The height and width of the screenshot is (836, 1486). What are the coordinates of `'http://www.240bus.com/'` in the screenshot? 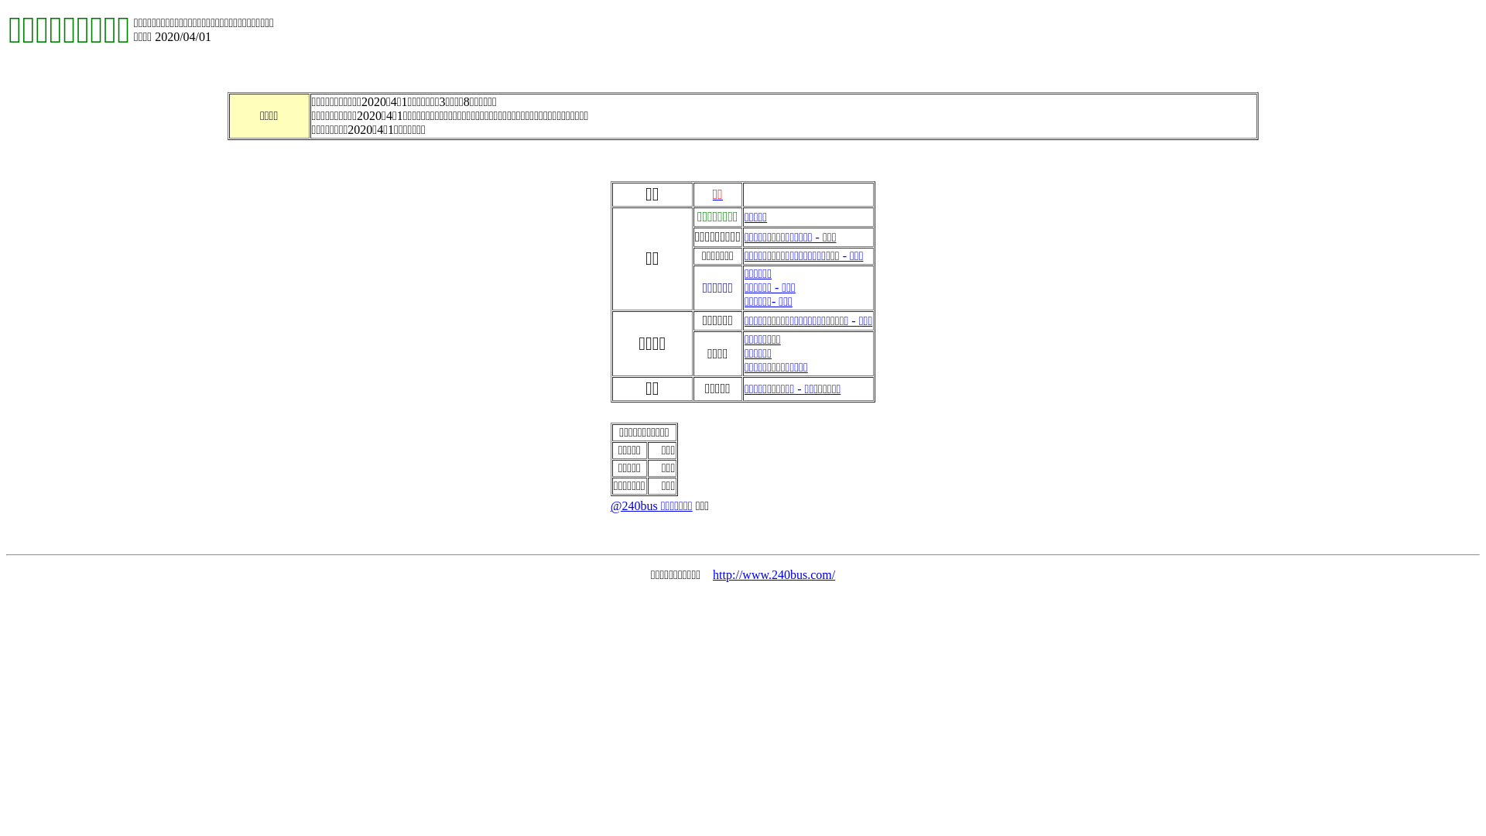 It's located at (773, 574).